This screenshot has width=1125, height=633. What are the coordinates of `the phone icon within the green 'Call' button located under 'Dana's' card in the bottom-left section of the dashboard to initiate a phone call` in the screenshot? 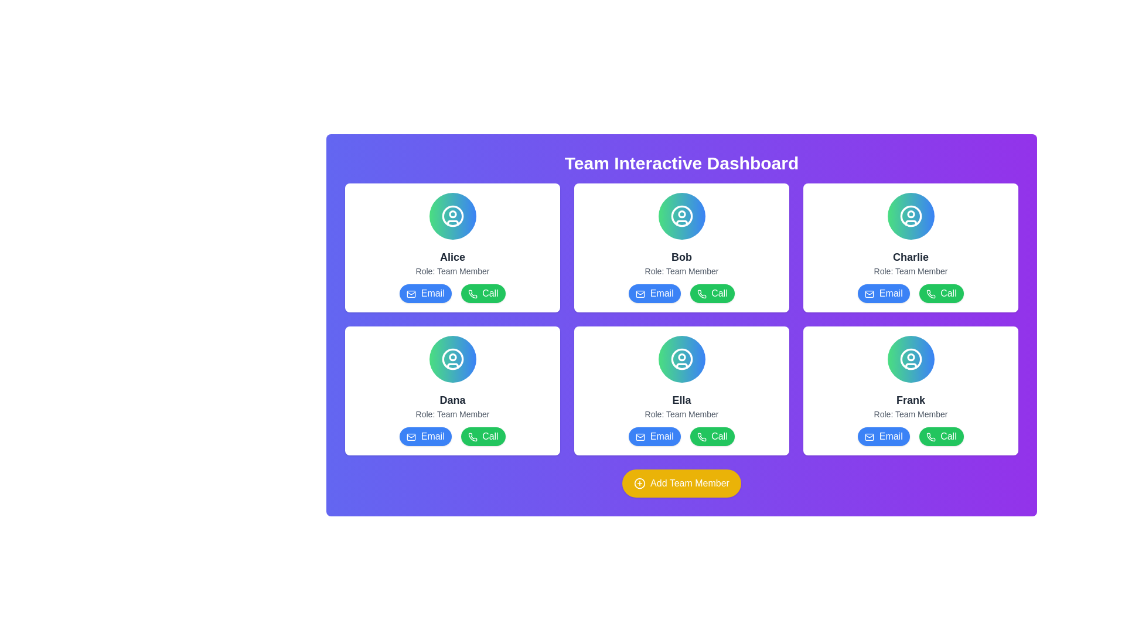 It's located at (472, 437).